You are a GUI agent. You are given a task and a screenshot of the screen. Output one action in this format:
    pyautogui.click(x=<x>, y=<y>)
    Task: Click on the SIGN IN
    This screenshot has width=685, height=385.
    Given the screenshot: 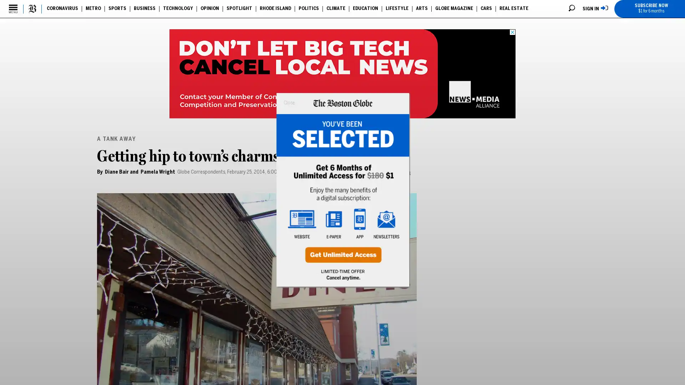 What is the action you would take?
    pyautogui.click(x=595, y=9)
    